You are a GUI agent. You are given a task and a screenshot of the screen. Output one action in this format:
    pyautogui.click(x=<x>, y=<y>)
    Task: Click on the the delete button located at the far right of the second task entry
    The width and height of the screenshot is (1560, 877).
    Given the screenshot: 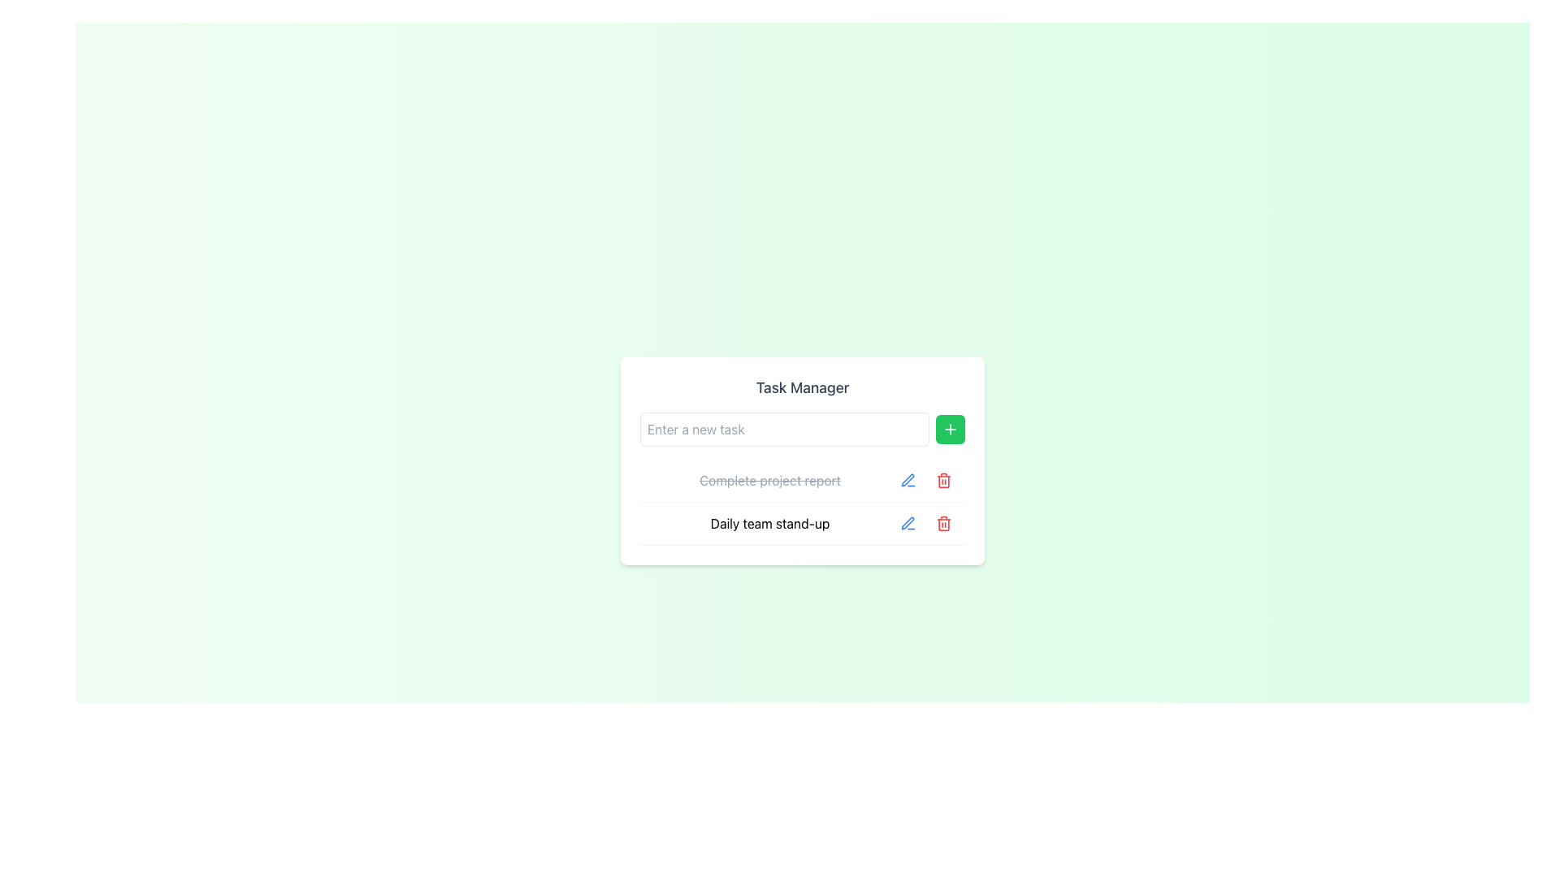 What is the action you would take?
    pyautogui.click(x=943, y=523)
    